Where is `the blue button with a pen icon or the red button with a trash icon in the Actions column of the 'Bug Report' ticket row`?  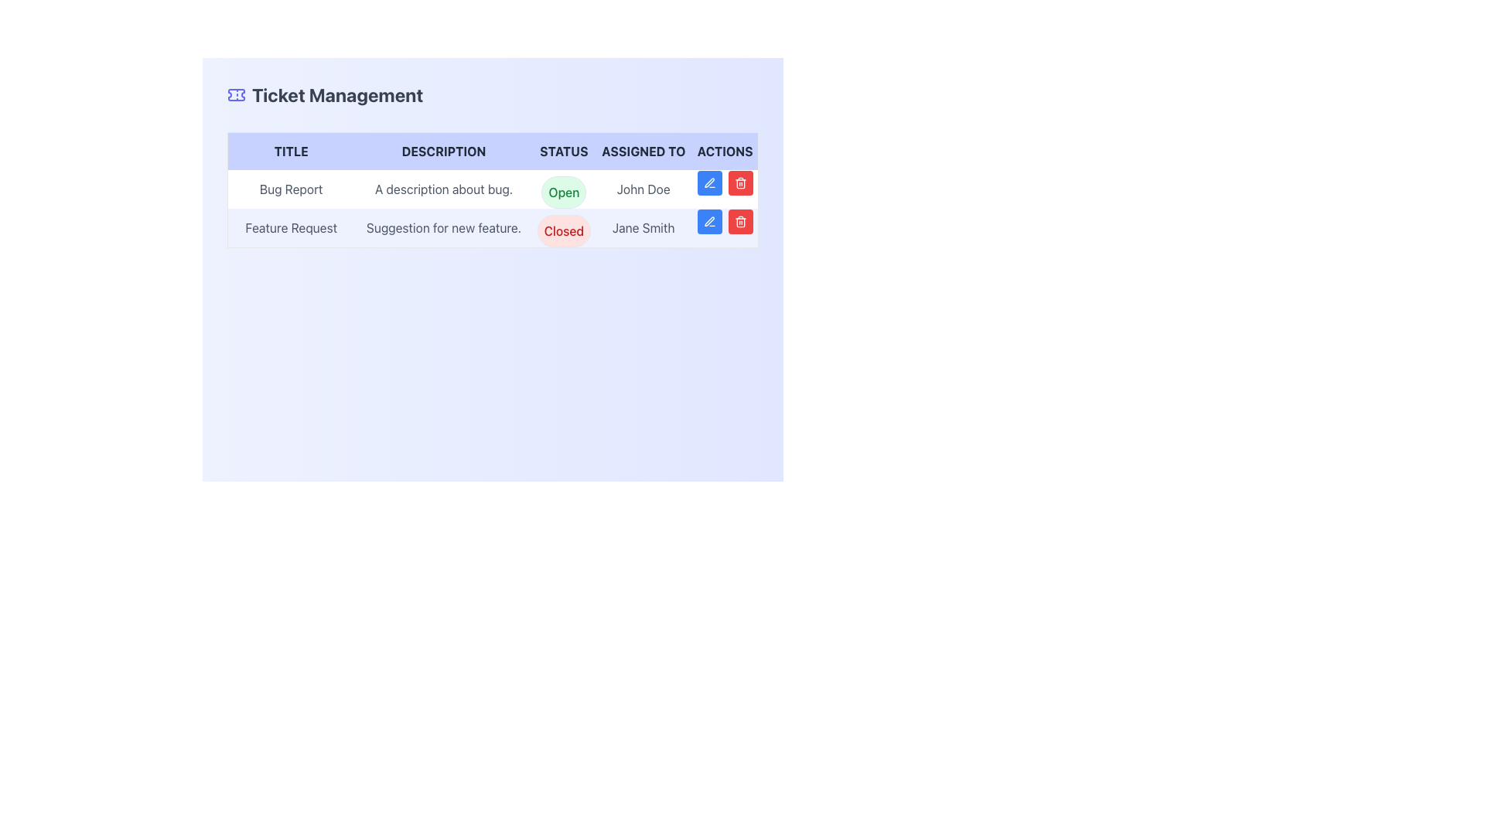
the blue button with a pen icon or the red button with a trash icon in the Actions column of the 'Bug Report' ticket row is located at coordinates (724, 182).